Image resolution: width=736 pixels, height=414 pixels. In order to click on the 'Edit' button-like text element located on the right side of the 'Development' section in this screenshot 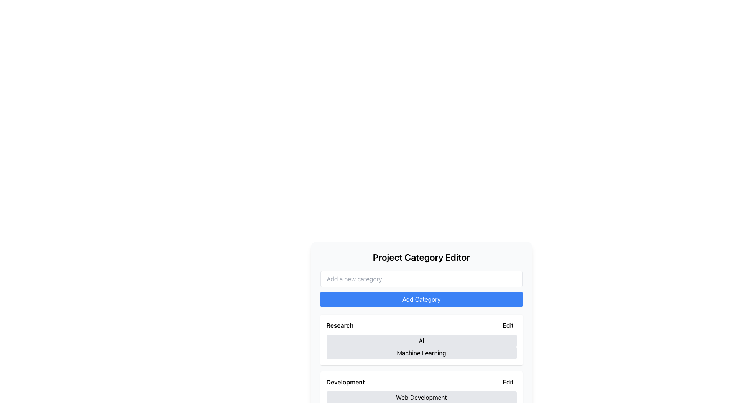, I will do `click(509, 382)`.